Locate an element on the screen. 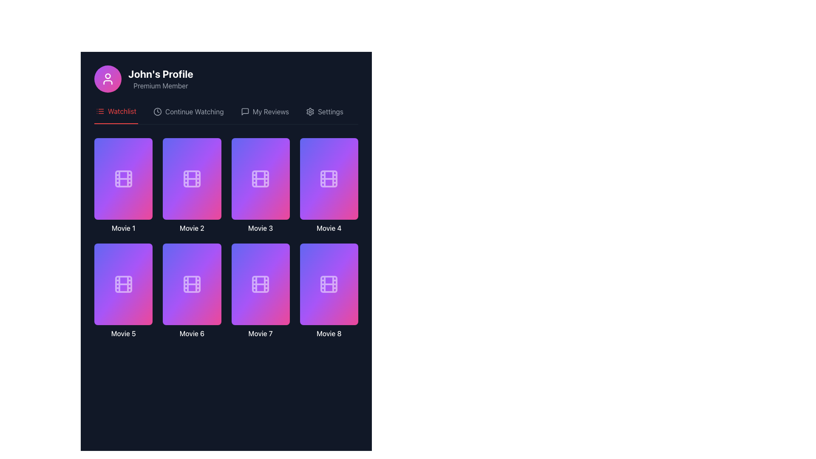 This screenshot has height=459, width=816. the Image icon representing 'Movie 6' in the second row, second column of the grid layout is located at coordinates (191, 284).